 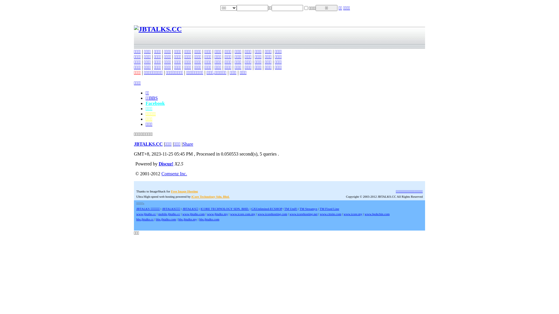 I want to click on 'iCore Technology Sdn. Bhd.', so click(x=210, y=196).